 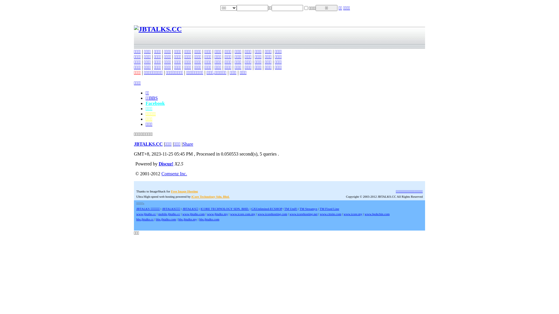 I want to click on 'iCore Technology Sdn. Bhd.', so click(x=210, y=196).